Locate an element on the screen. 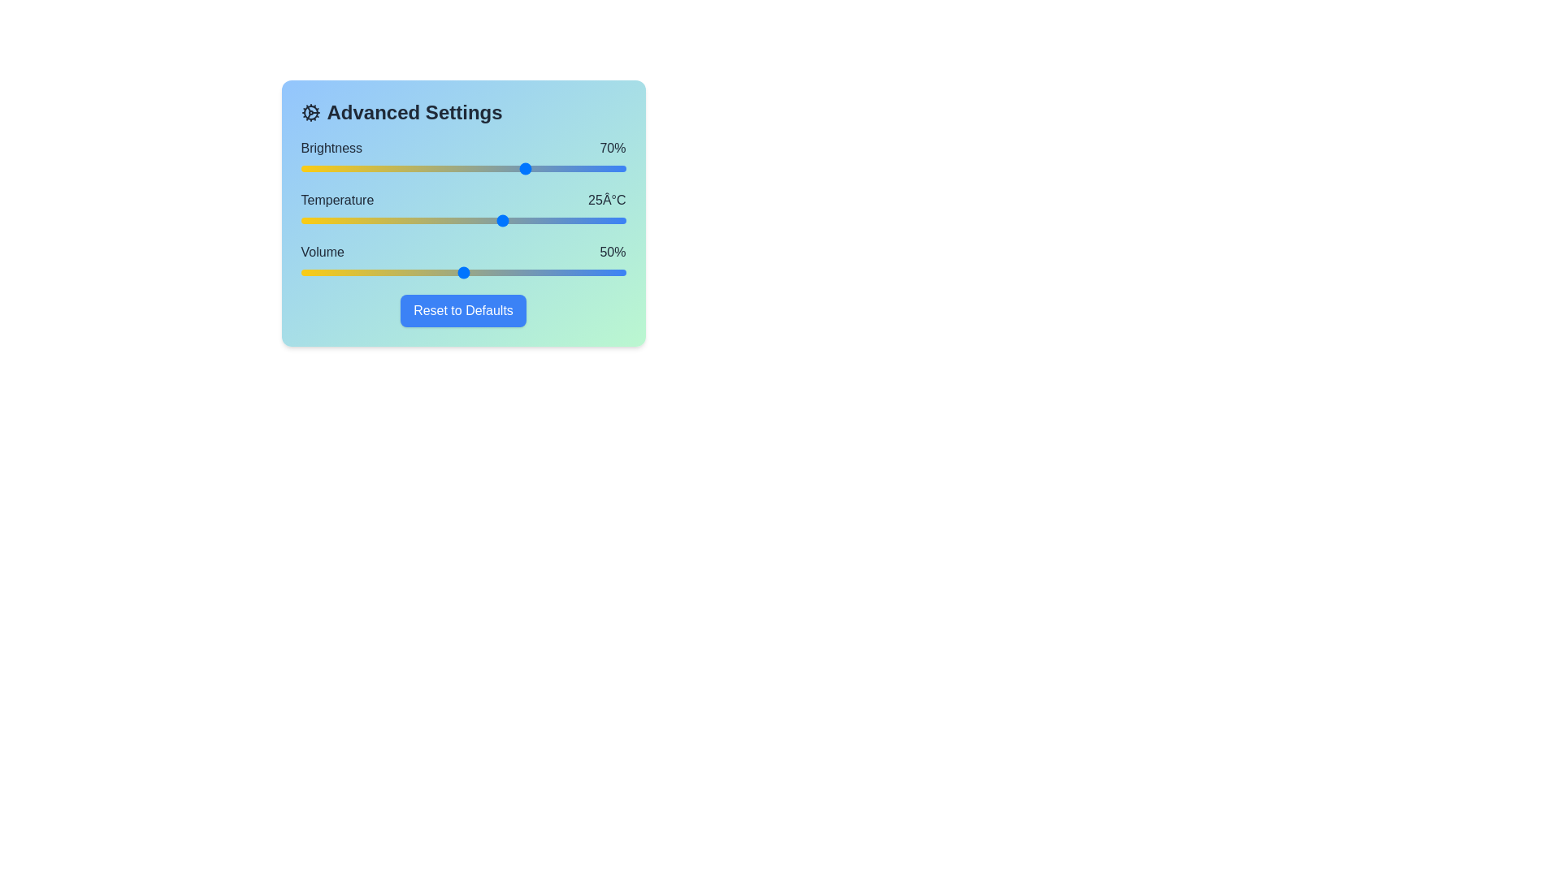 This screenshot has width=1560, height=877. 'Reset to Defaults' button is located at coordinates (462, 310).